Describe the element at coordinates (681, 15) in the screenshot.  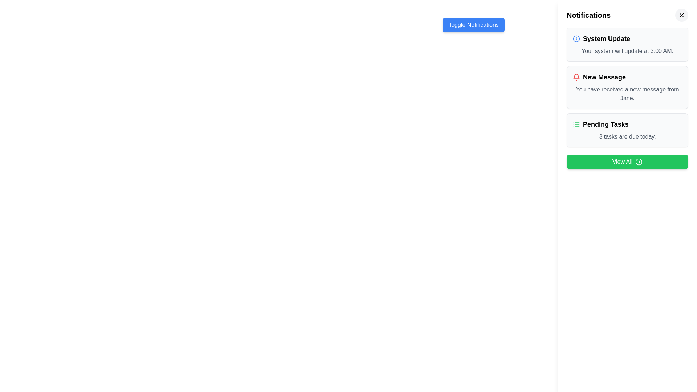
I see `the Close button (an 'X' icon) located at the top-right corner of the Notifications panel` at that location.